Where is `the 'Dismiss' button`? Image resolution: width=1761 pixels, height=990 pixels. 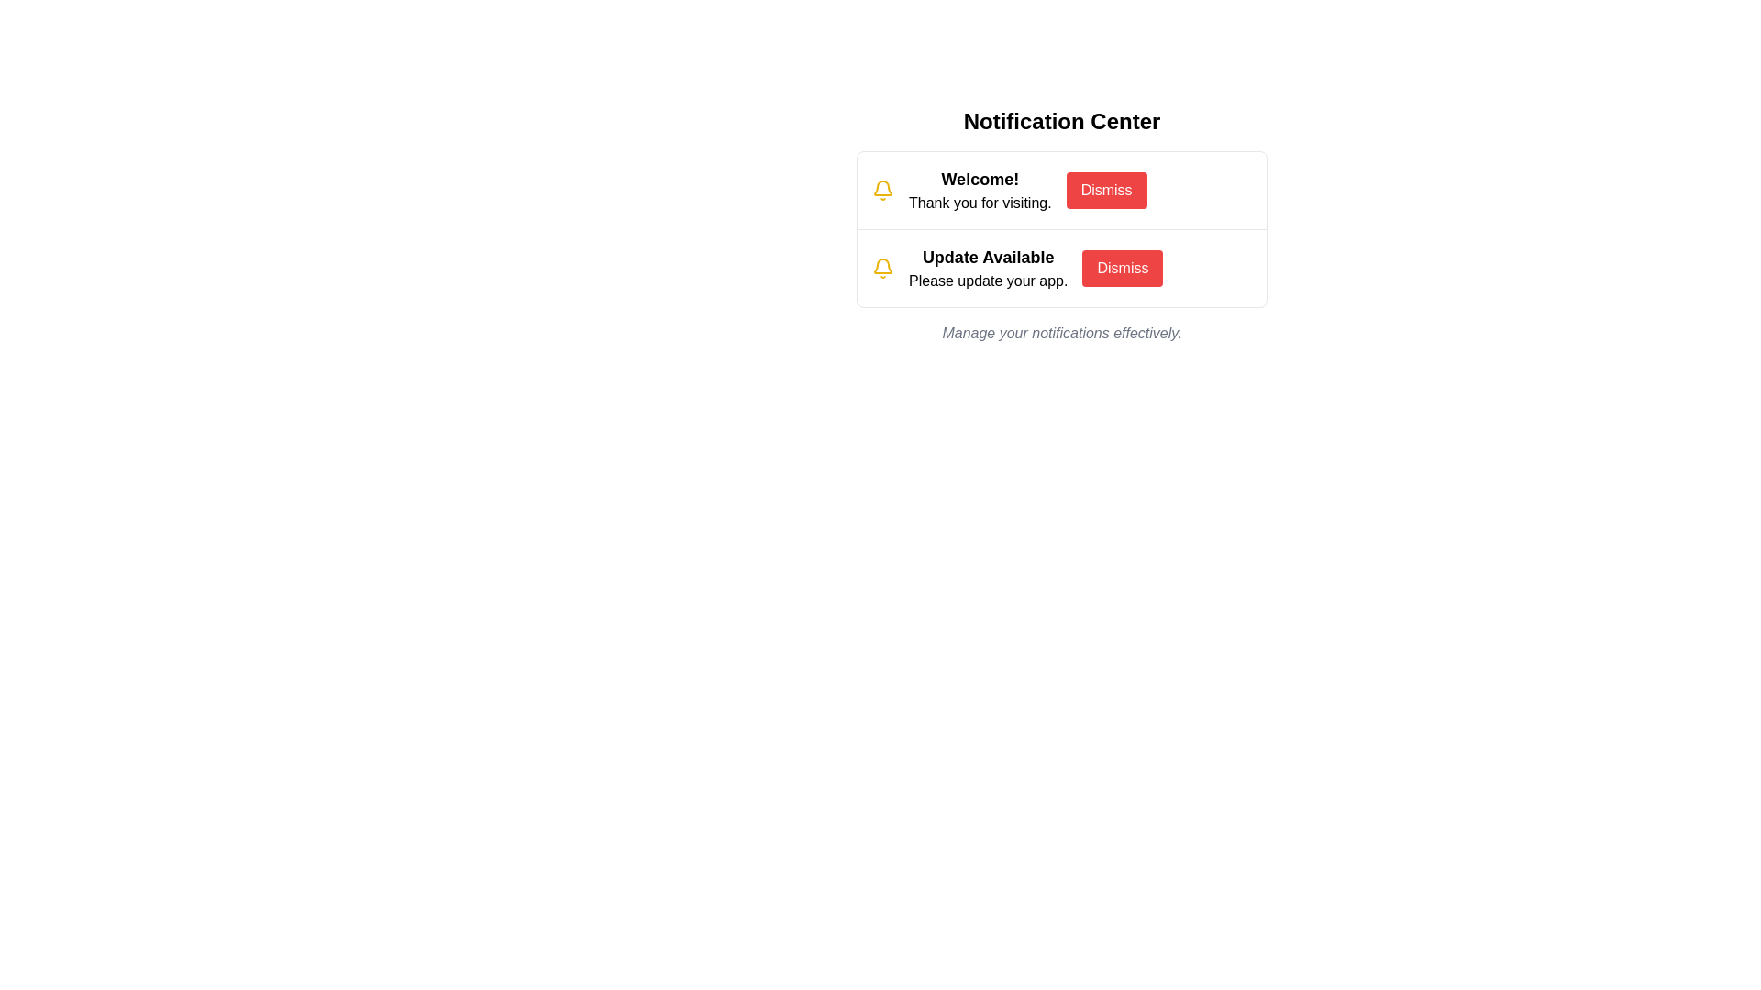 the 'Dismiss' button is located at coordinates (1122, 269).